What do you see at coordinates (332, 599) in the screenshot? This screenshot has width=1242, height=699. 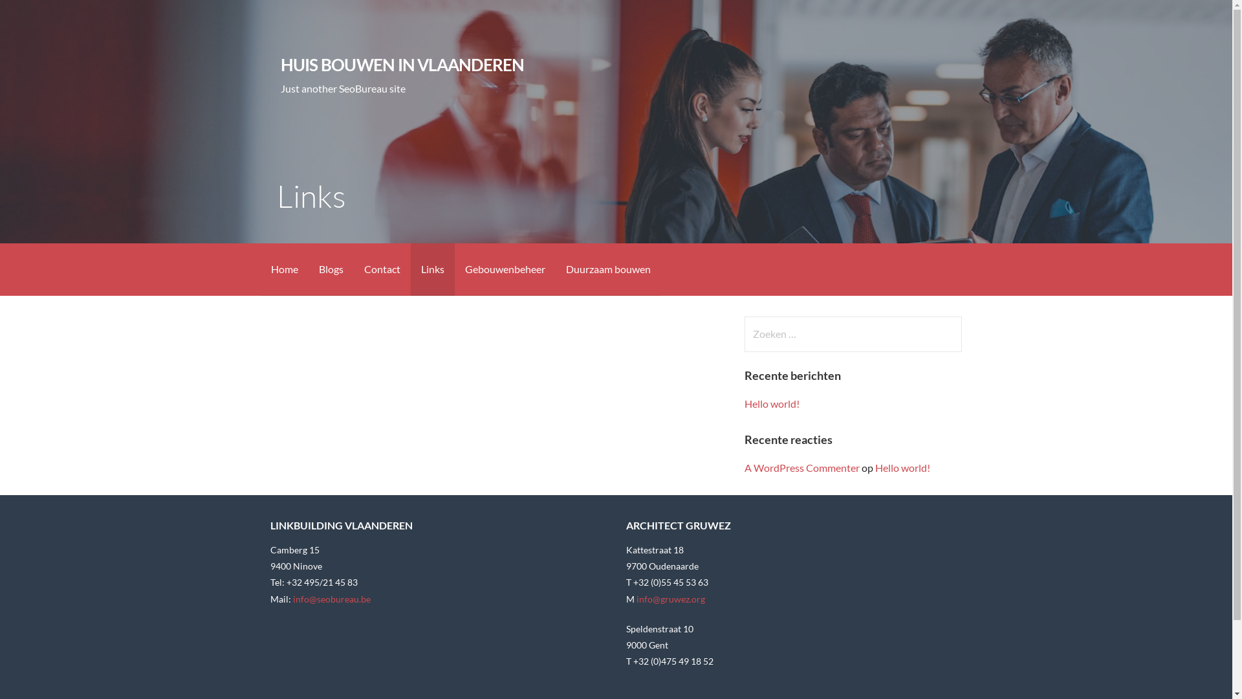 I see `'info@seobureau.be'` at bounding box center [332, 599].